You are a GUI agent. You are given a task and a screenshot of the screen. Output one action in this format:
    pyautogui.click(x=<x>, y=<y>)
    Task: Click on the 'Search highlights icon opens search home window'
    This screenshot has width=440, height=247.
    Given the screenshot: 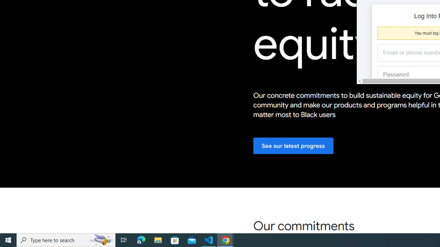 What is the action you would take?
    pyautogui.click(x=101, y=239)
    